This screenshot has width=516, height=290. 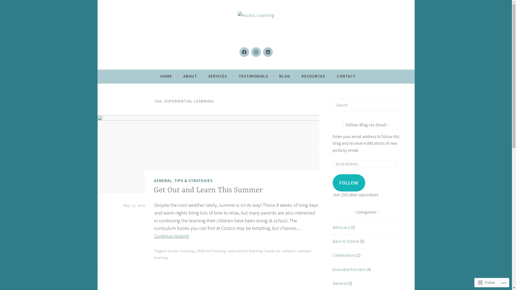 What do you see at coordinates (284, 76) in the screenshot?
I see `'BLOG'` at bounding box center [284, 76].